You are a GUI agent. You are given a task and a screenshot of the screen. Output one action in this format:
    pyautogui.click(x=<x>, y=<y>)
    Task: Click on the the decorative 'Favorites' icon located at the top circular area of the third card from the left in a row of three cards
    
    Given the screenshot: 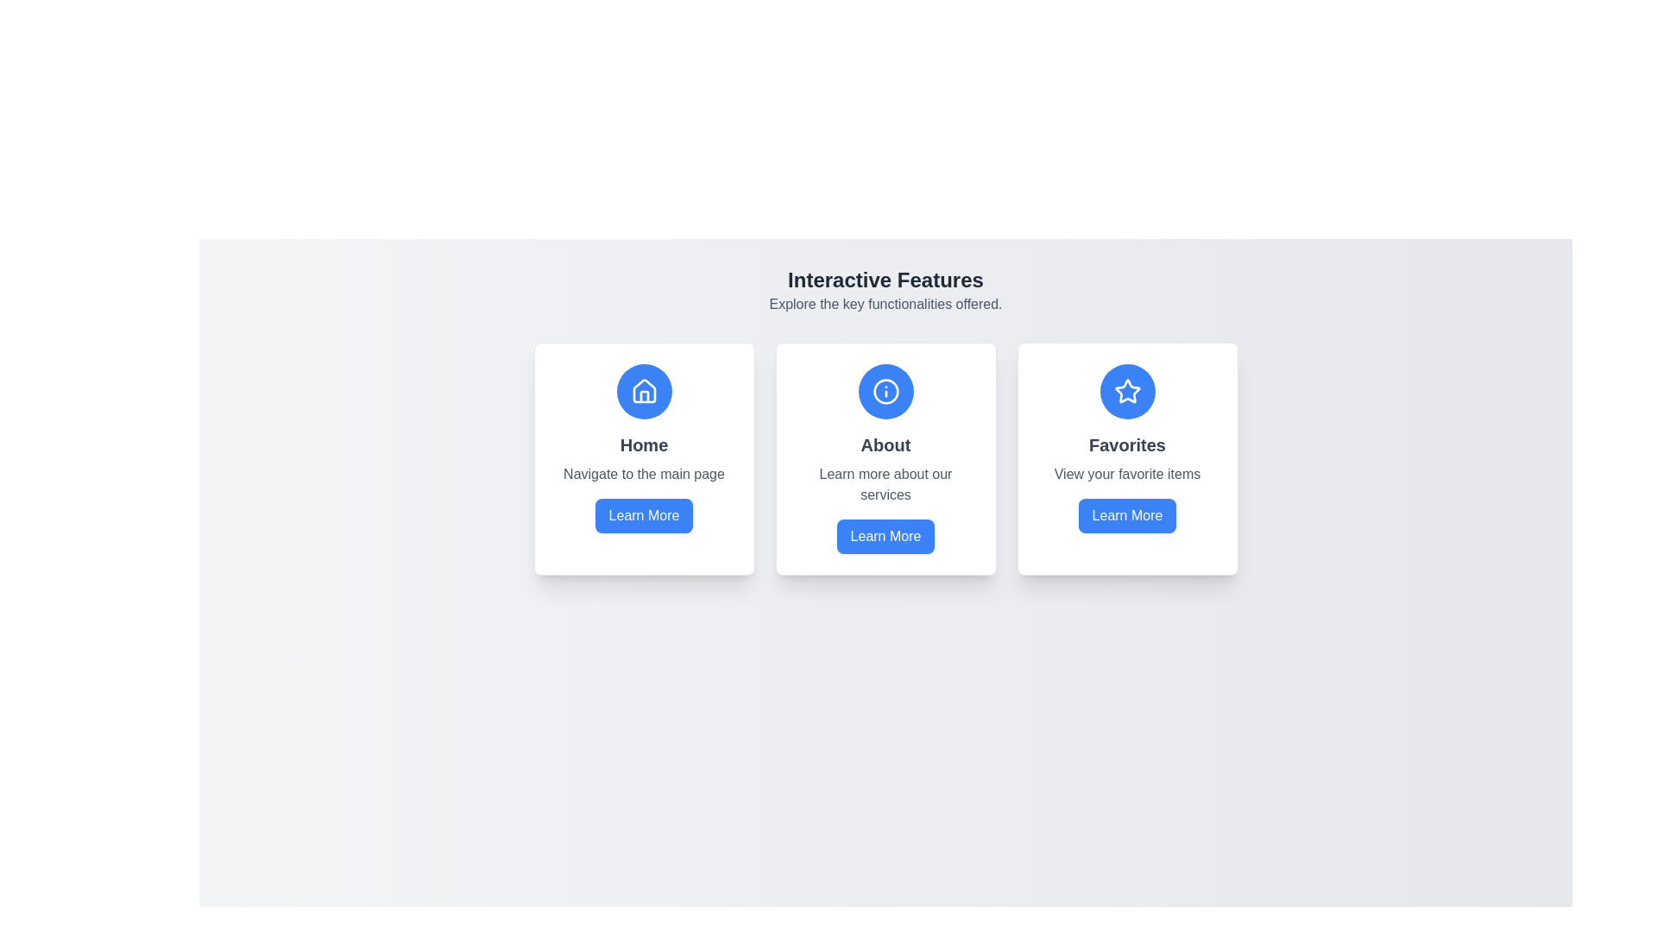 What is the action you would take?
    pyautogui.click(x=1127, y=392)
    